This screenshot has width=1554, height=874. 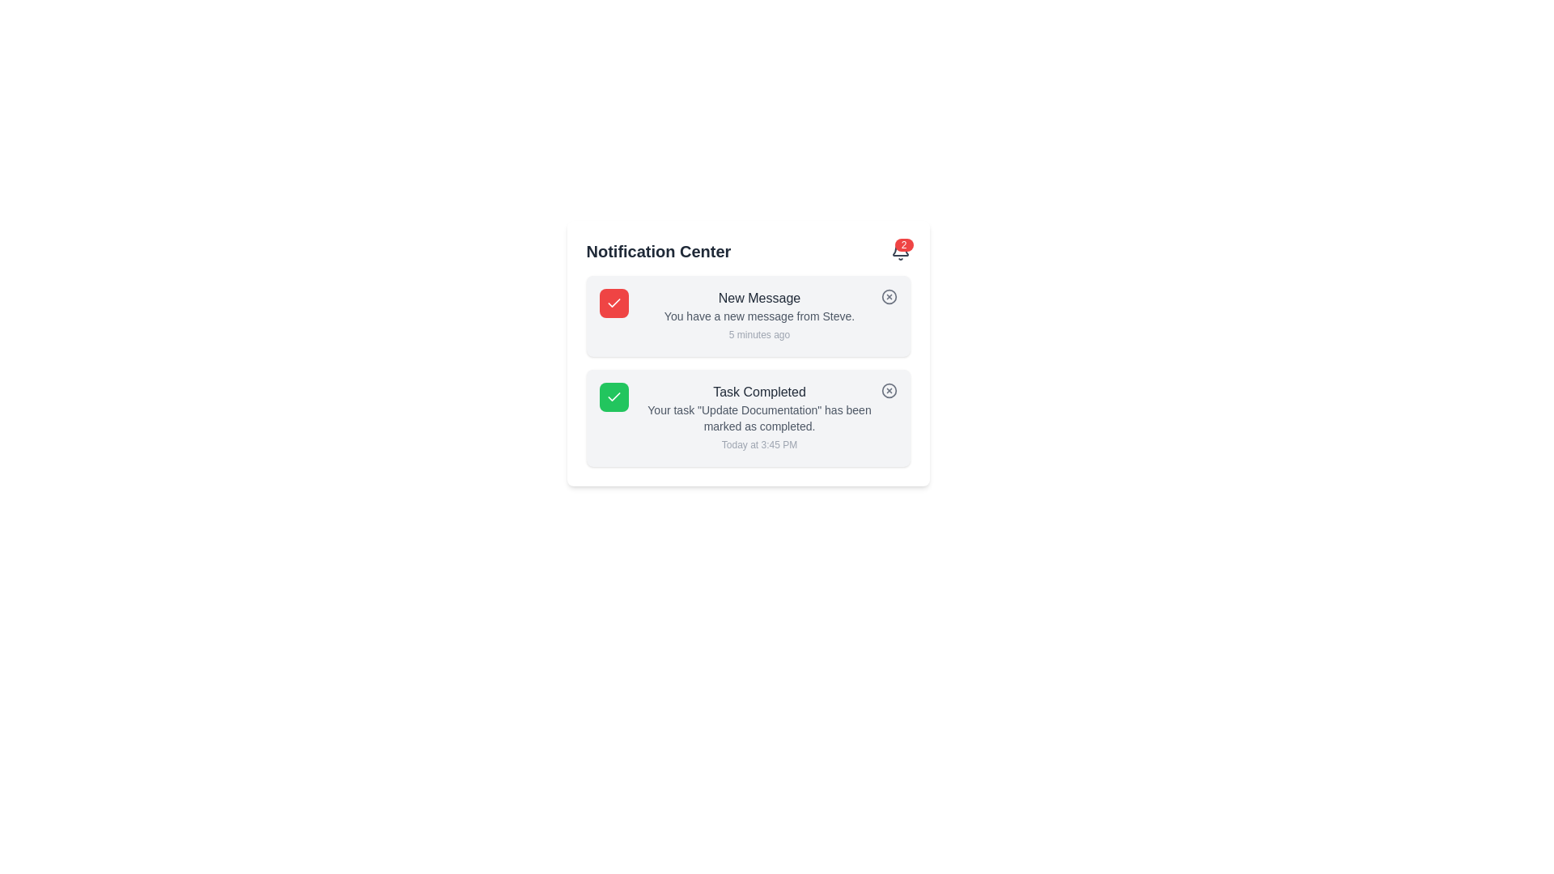 What do you see at coordinates (888, 390) in the screenshot?
I see `the circular removal button with a gray border and central 'X' in the top-right corner of the second notification card to visualize the color change to red, indicating interactivity` at bounding box center [888, 390].